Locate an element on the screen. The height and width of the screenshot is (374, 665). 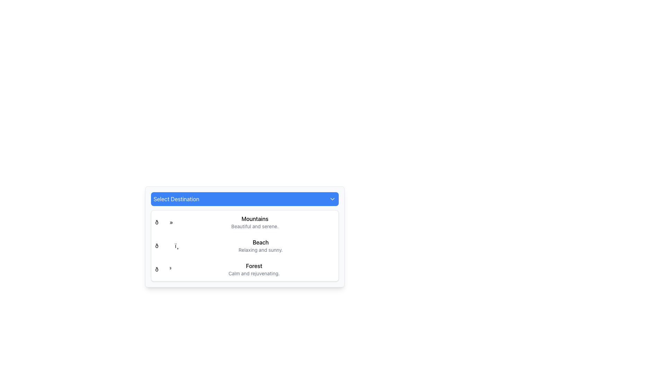
the 'Forest' text label is located at coordinates (254, 265).